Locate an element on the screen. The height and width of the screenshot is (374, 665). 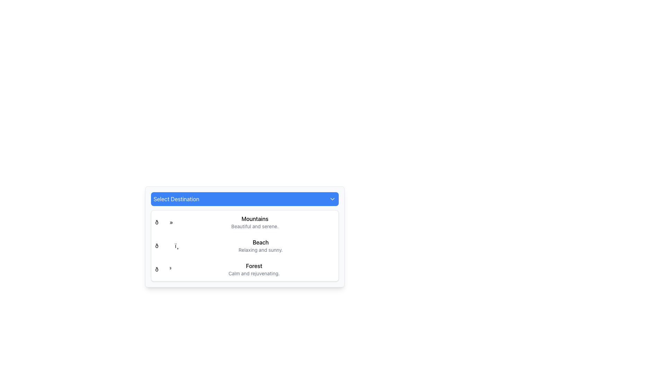
the 'Forest' text label is located at coordinates (254, 265).